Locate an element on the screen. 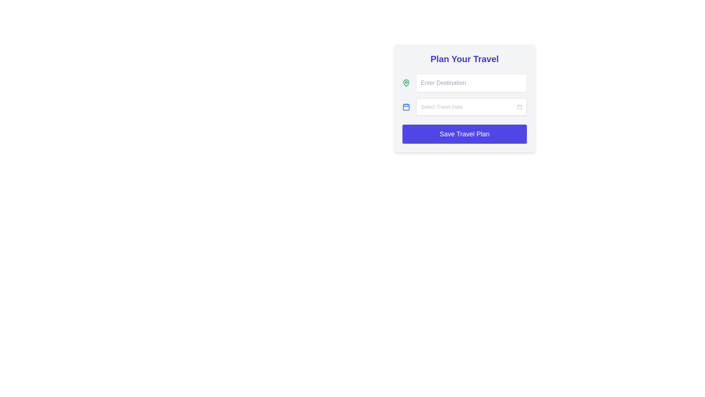  the 'Save Travel Plan' button, which is a rectangular indigo button with white text, positioned within the 'Plan Your Travel' section, to focus on it using the keyboard is located at coordinates (464, 134).